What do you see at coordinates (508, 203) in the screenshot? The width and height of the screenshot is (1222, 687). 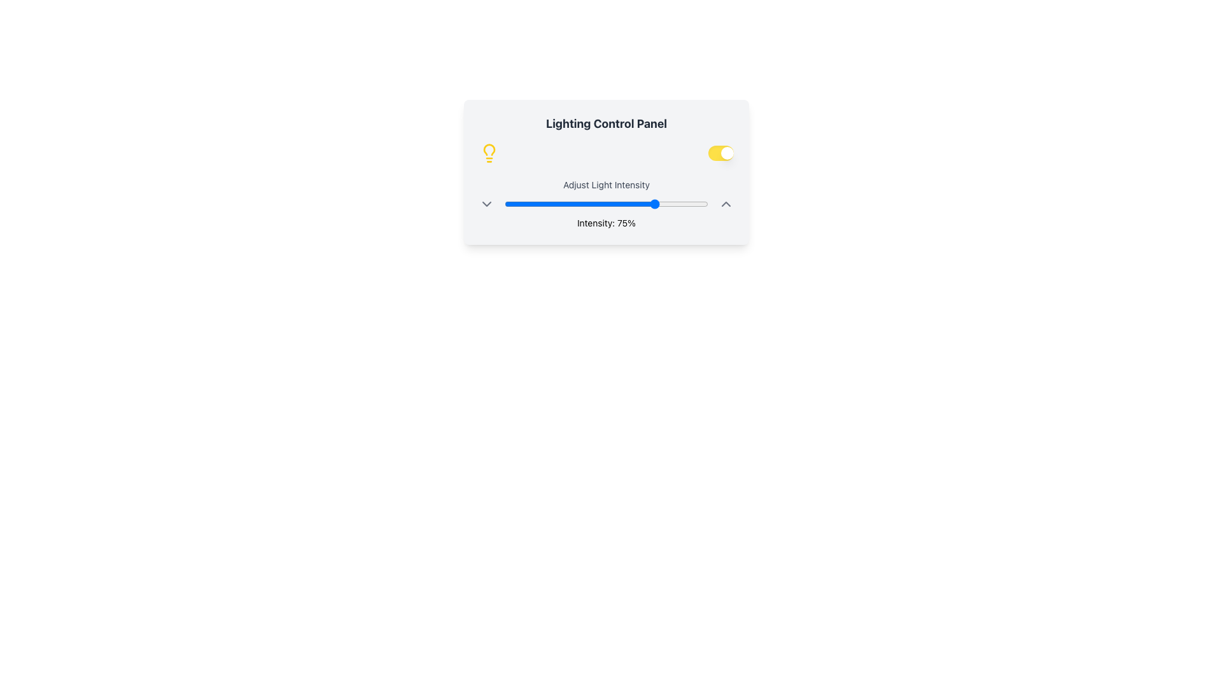 I see `the light intensity` at bounding box center [508, 203].